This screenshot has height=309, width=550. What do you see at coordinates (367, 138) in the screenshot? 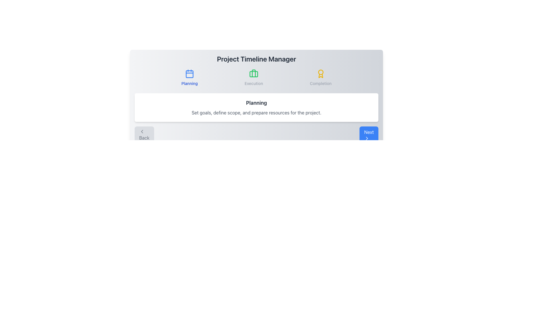
I see `the 'Next' button which contains the chevron arrow icon, located at the bottom right corner of the interface` at bounding box center [367, 138].